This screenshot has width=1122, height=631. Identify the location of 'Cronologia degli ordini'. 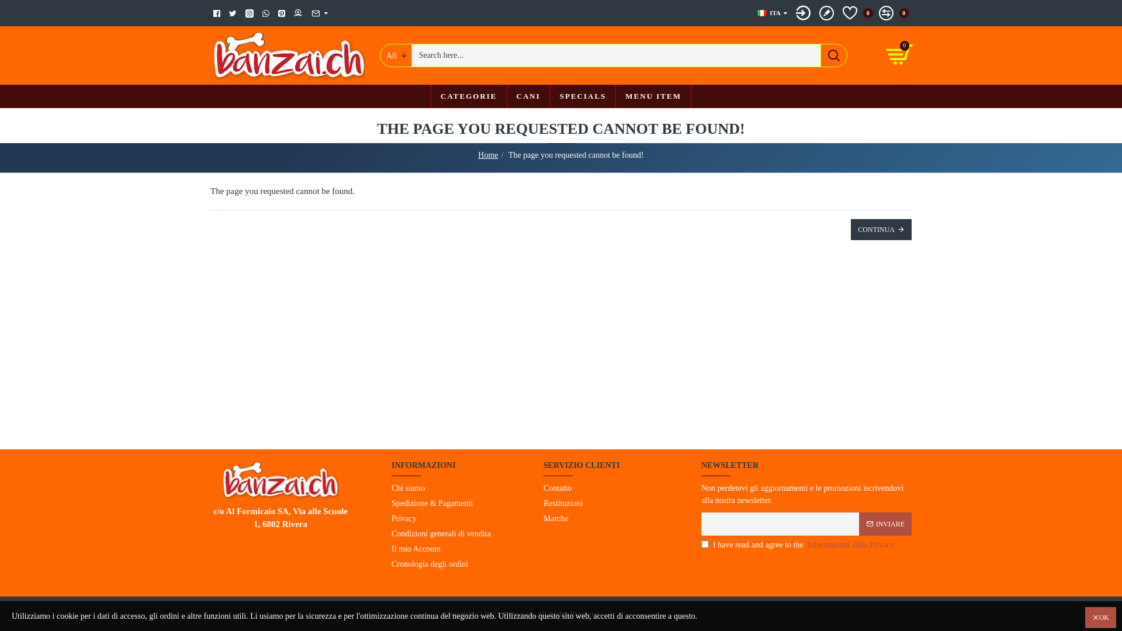
(429, 564).